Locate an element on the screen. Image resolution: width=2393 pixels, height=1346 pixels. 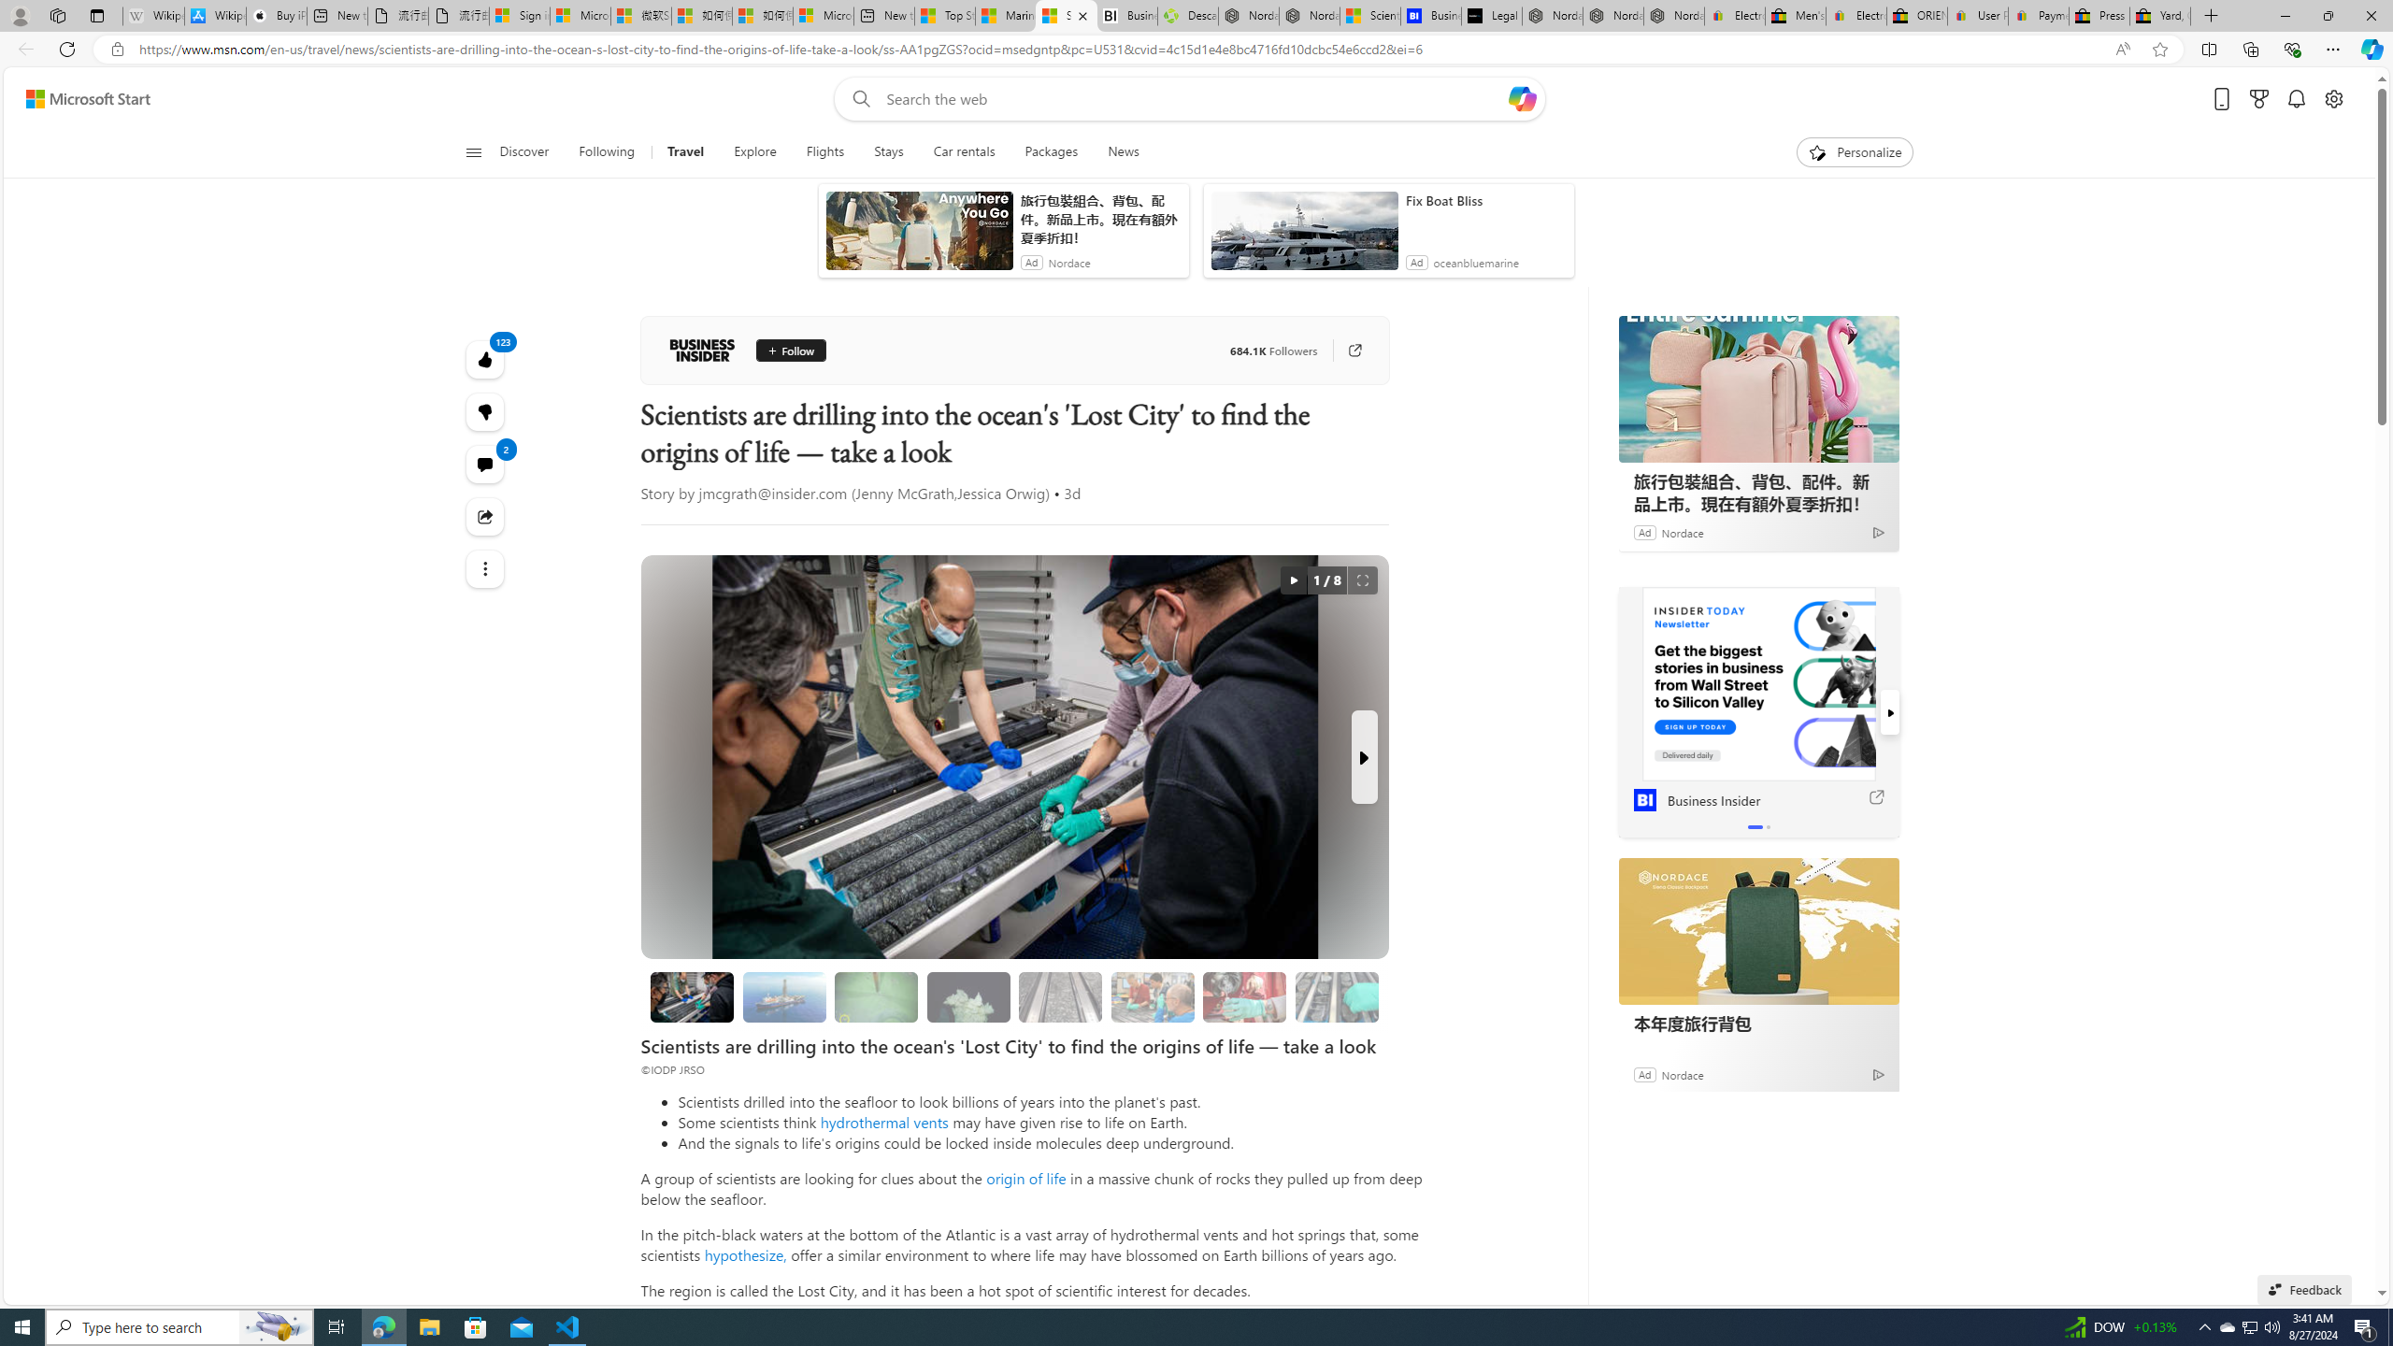
'origin of life' is located at coordinates (1025, 1178).